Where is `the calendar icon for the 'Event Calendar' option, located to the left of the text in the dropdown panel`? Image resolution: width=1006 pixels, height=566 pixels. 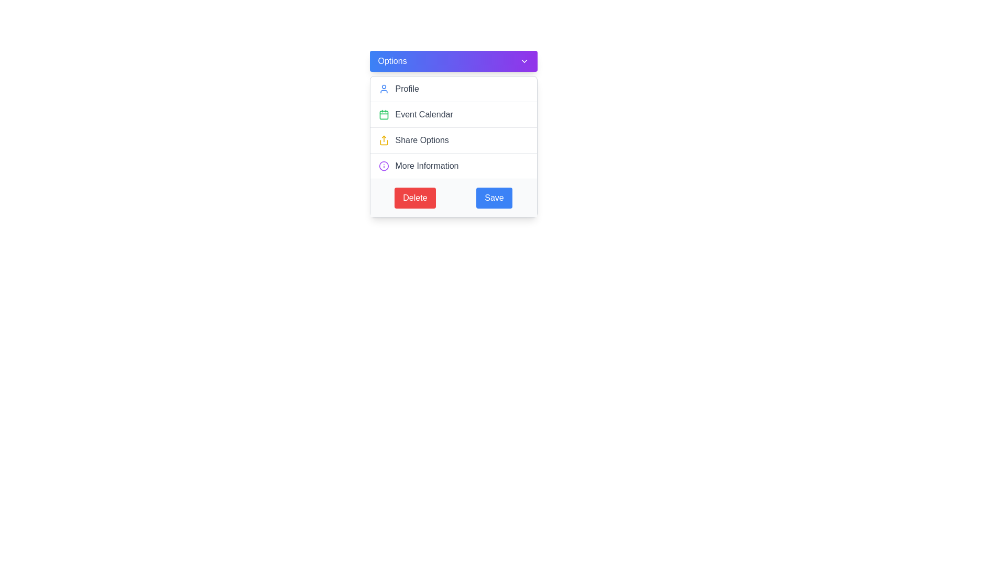
the calendar icon for the 'Event Calendar' option, located to the left of the text in the dropdown panel is located at coordinates (383, 115).